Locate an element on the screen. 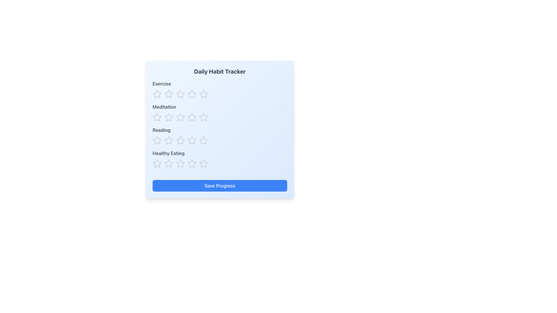  the second star-shaped rating icon in the horizontal row of five stars to rate the 'Exercise' task with two stars is located at coordinates (192, 94).